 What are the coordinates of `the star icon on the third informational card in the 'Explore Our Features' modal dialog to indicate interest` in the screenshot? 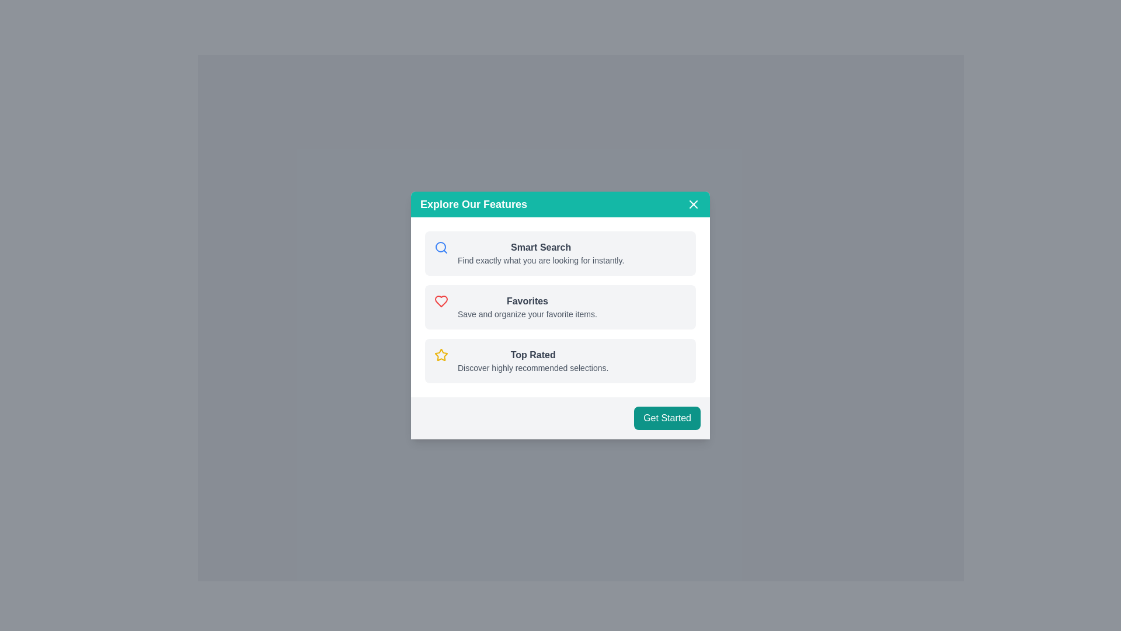 It's located at (560, 360).